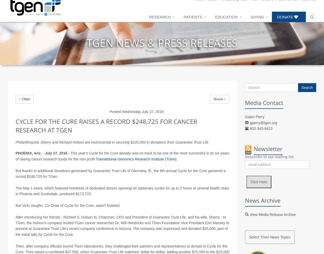 Image resolution: width=324 pixels, height=254 pixels. Describe the element at coordinates (122, 162) in the screenshot. I see `'This year's Cycle for the Cure already was on track to be one of the most successful in its six years of raising cancer research funds for the non-profit'` at that location.